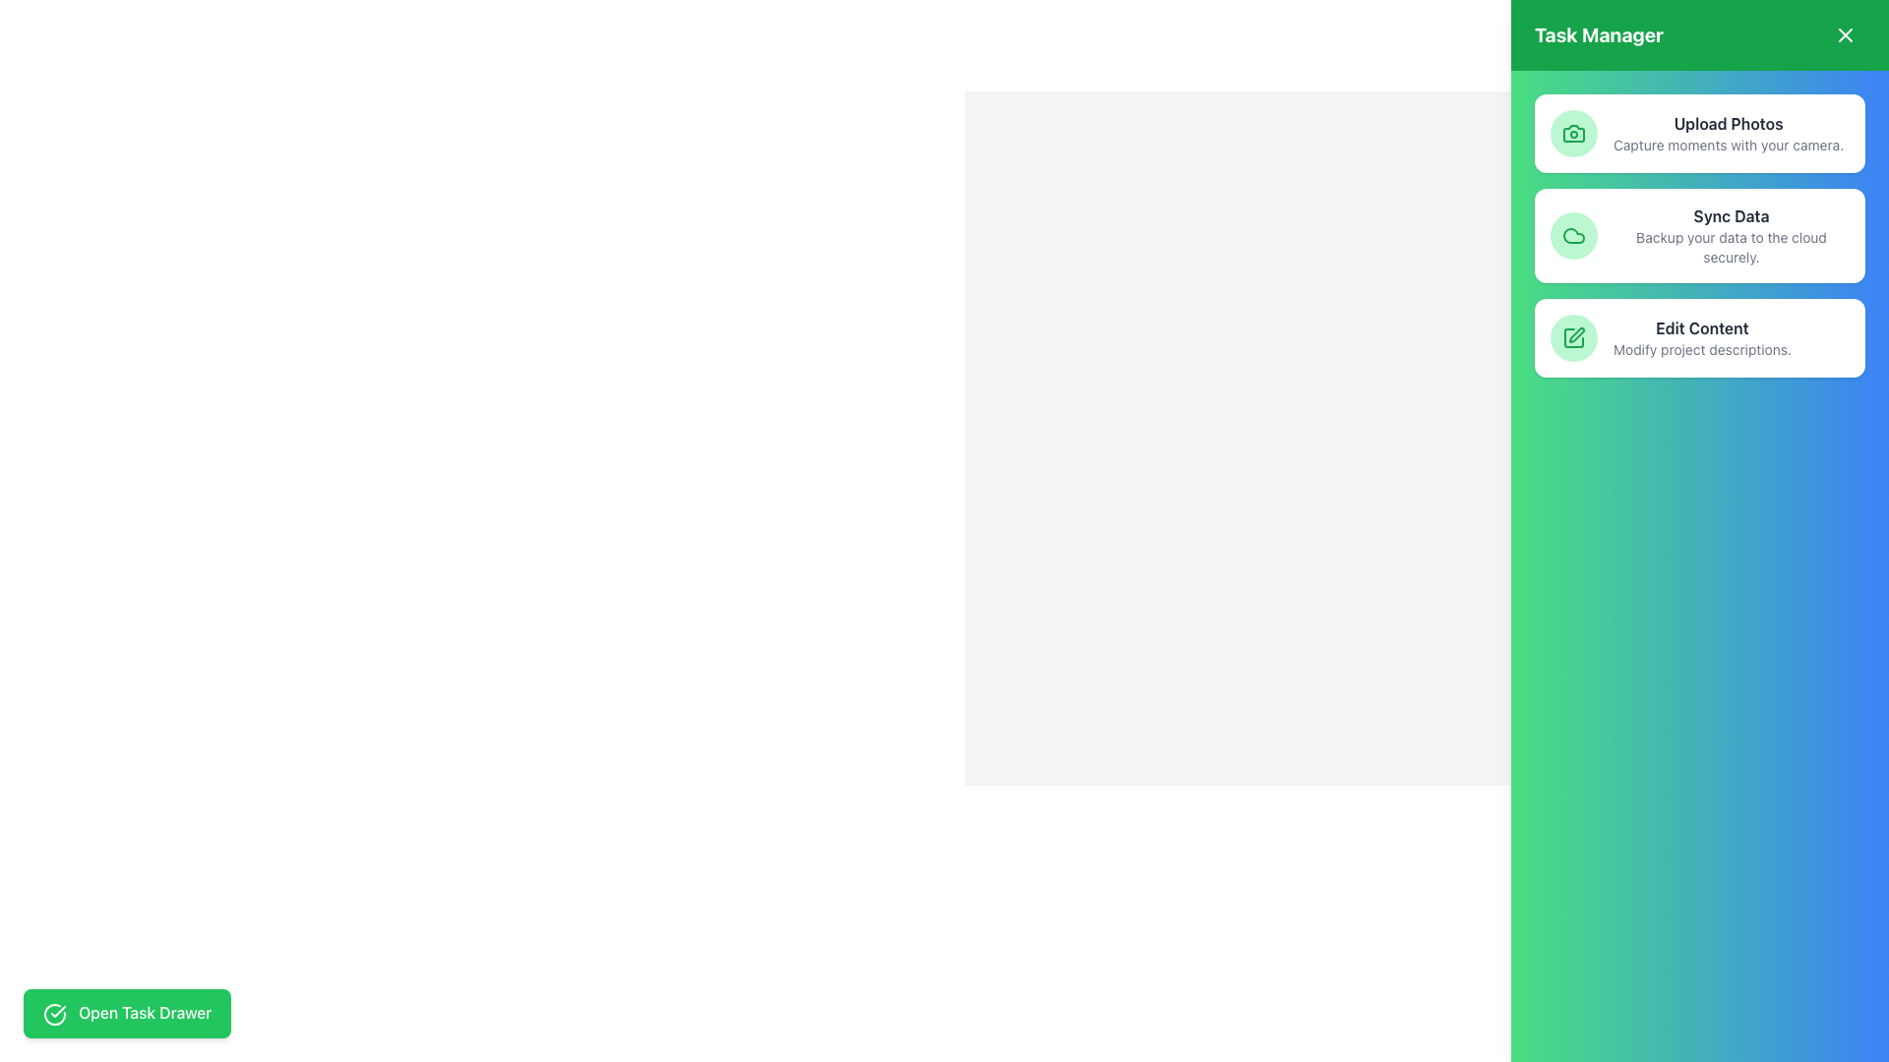 The height and width of the screenshot is (1062, 1889). Describe the element at coordinates (1699, 234) in the screenshot. I see `the second UI card labeled 'Sync Data' in the 'Task Manager'` at that location.